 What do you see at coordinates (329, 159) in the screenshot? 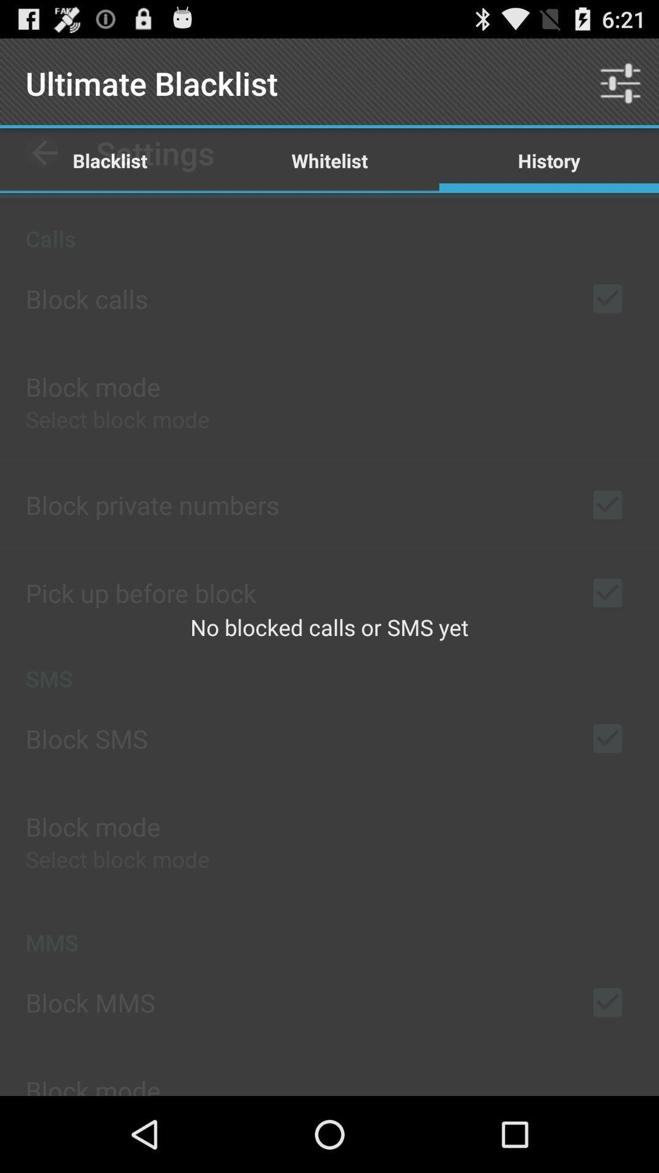
I see `icon below ultimate blacklist icon` at bounding box center [329, 159].